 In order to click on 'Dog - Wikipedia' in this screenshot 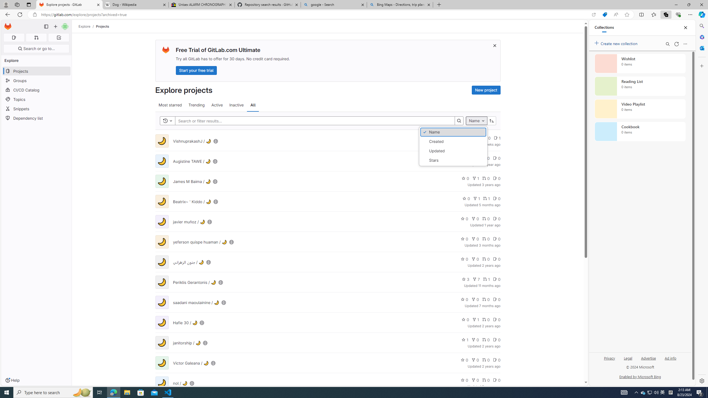, I will do `click(135, 4)`.